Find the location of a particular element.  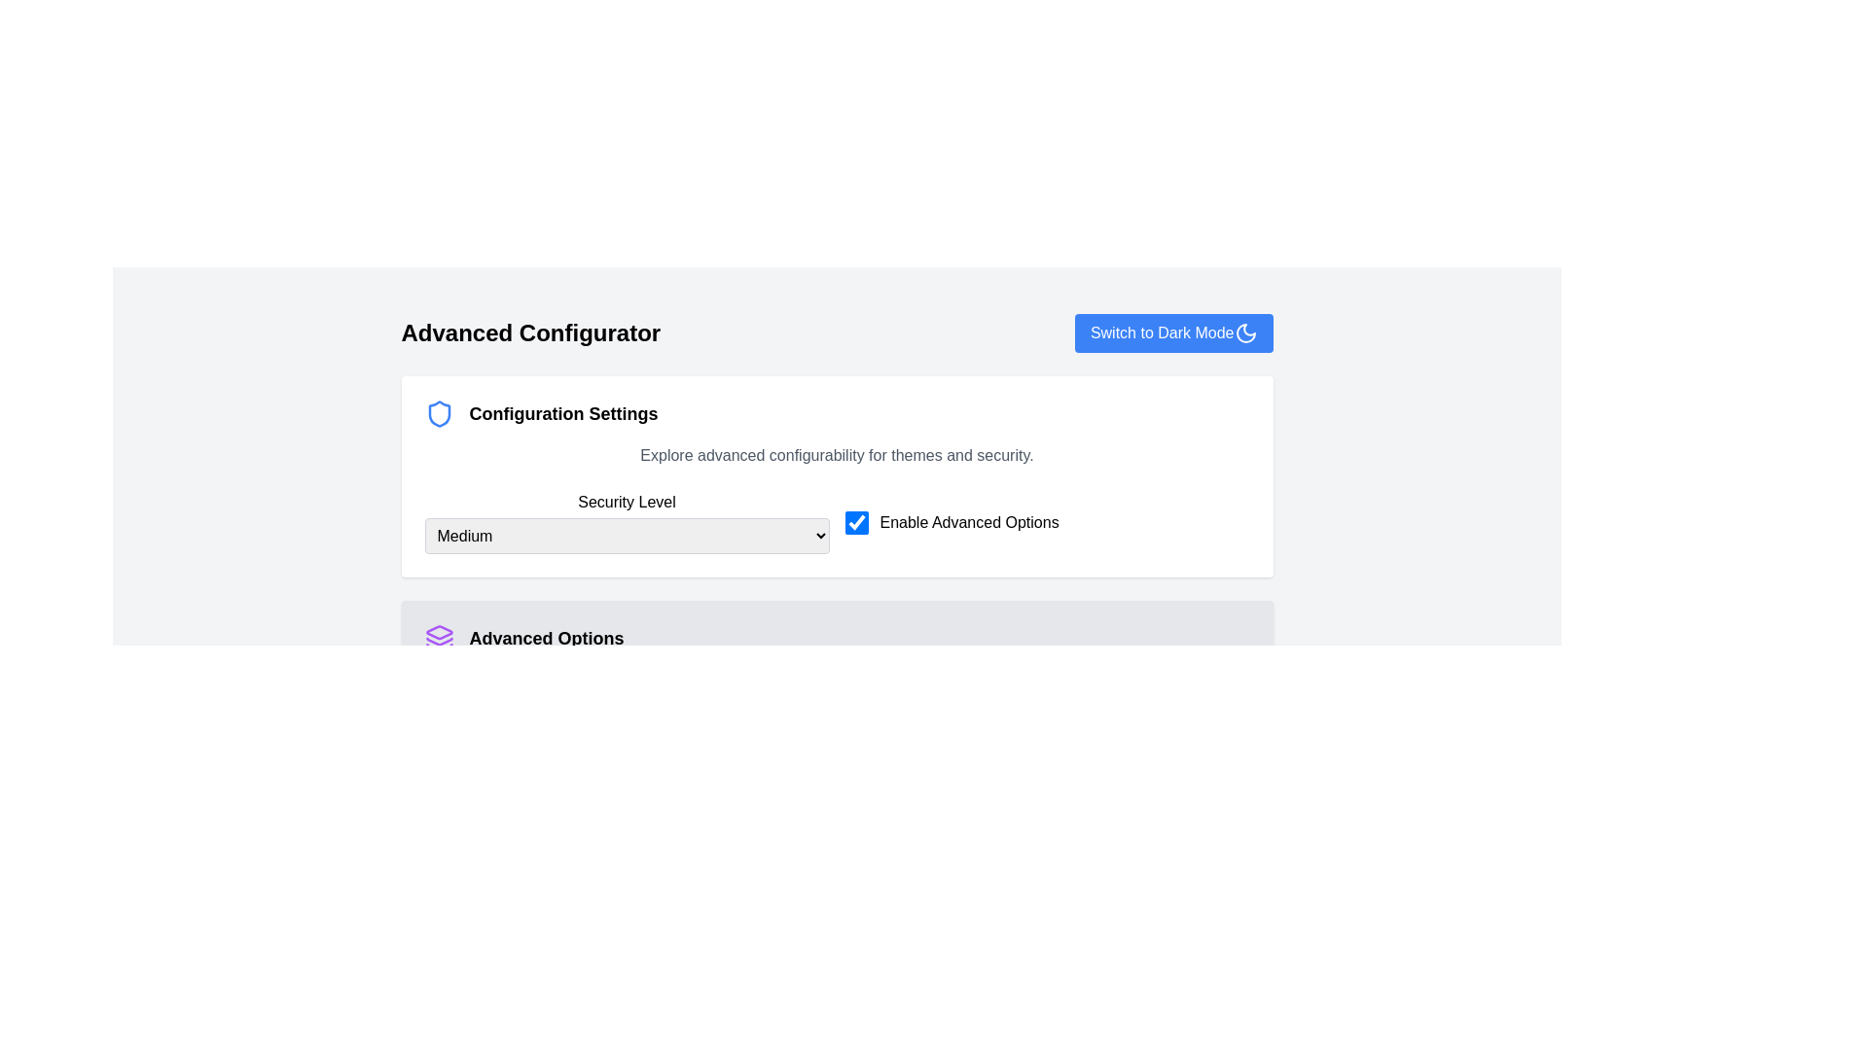

the 'Enable Advanced Options' label, which is a textual label in bold sans-serif font located to the right of a blue checkbox in the 'Configuration Settings' panel is located at coordinates (969, 521).